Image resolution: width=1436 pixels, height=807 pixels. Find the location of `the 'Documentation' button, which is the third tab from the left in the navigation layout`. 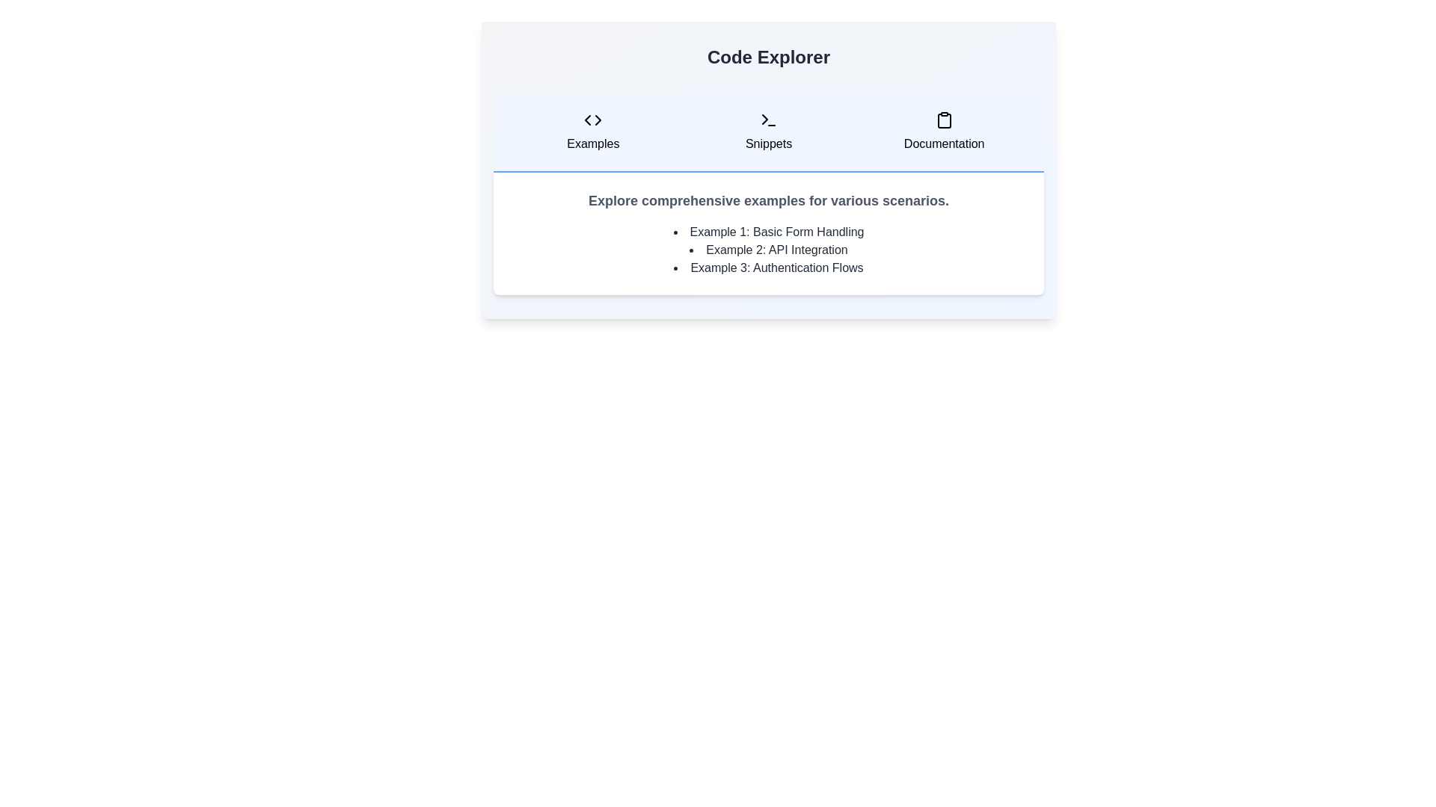

the 'Documentation' button, which is the third tab from the left in the navigation layout is located at coordinates (943, 132).